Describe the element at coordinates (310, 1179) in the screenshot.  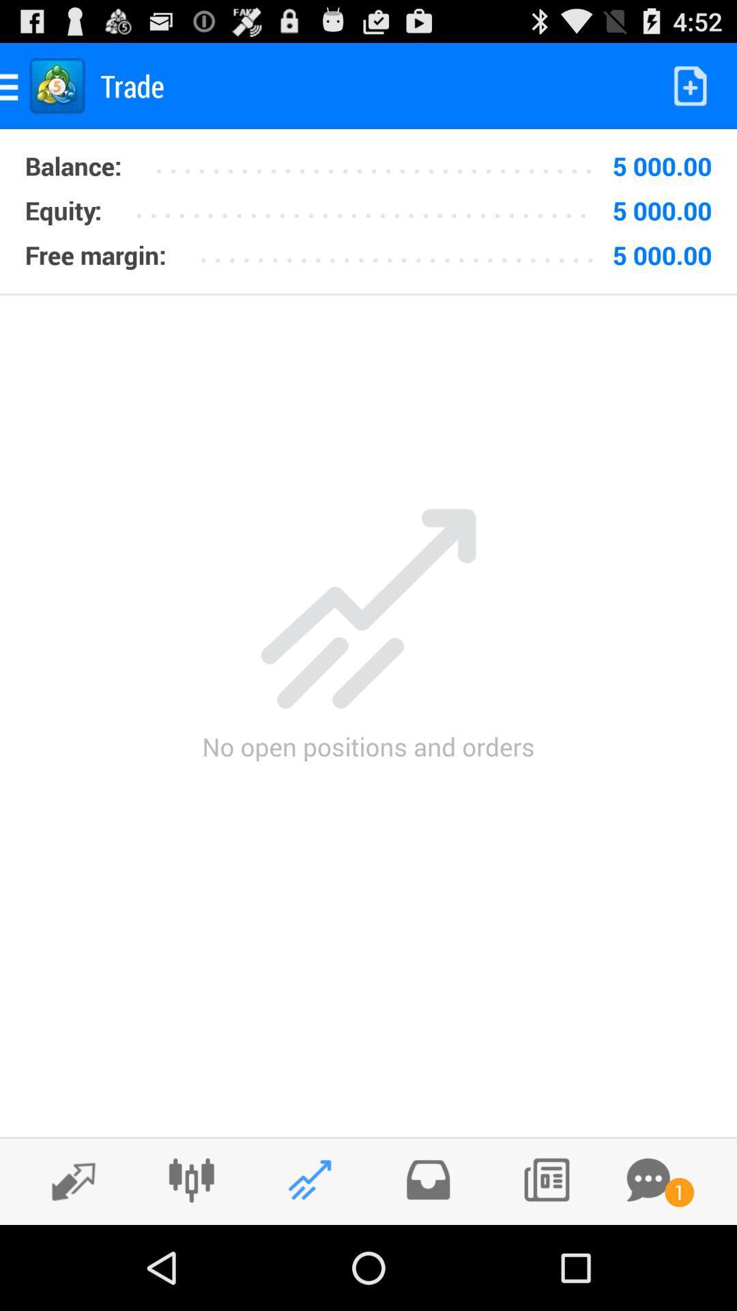
I see `open positions and orders` at that location.